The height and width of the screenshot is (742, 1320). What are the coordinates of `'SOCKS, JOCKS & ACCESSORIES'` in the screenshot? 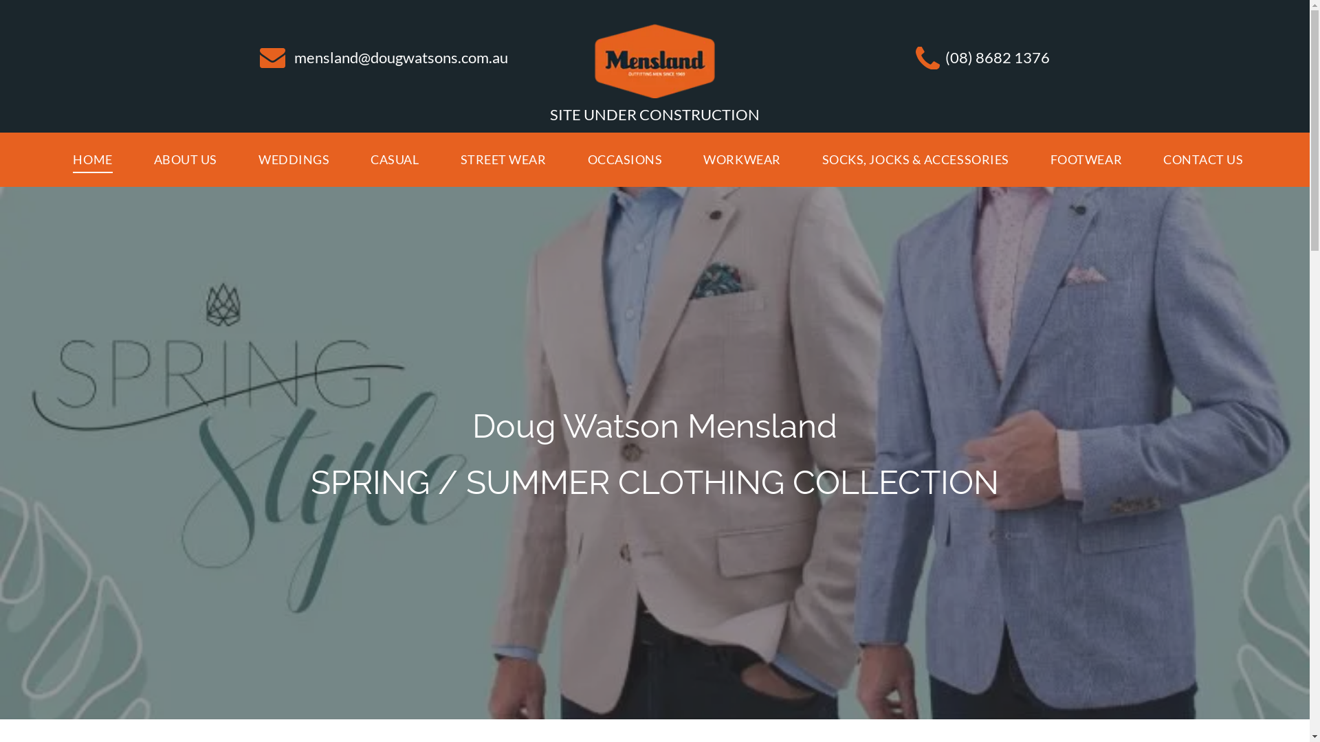 It's located at (915, 159).